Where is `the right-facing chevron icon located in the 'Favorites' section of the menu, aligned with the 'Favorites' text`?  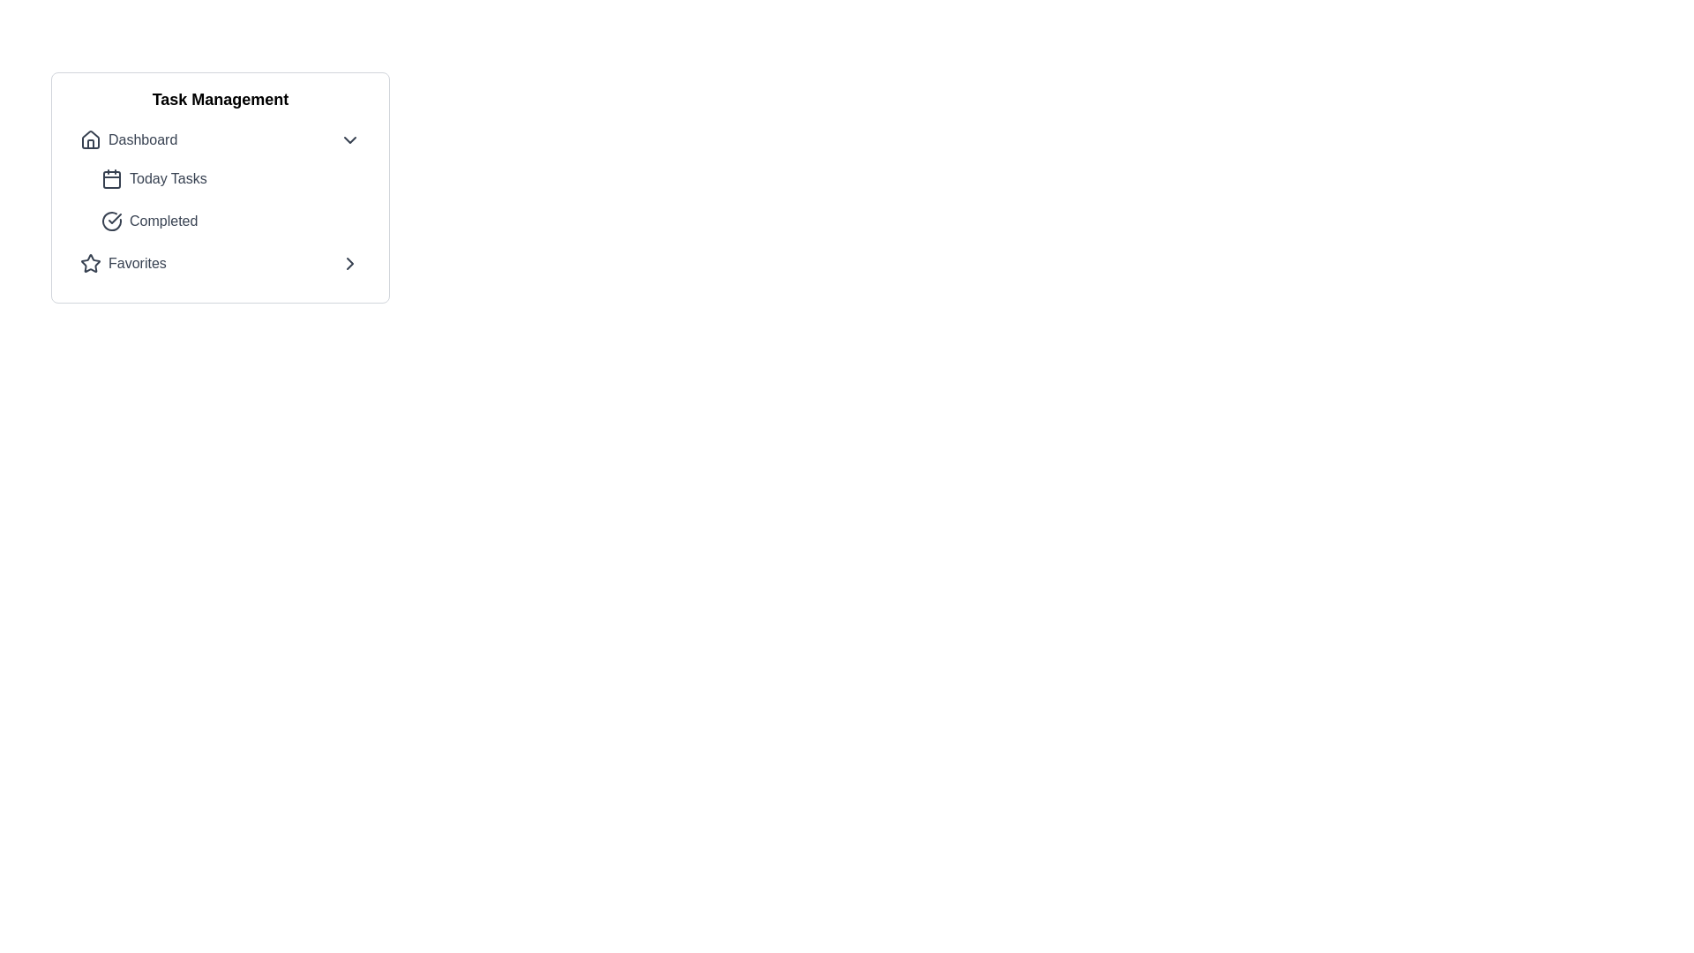
the right-facing chevron icon located in the 'Favorites' section of the menu, aligned with the 'Favorites' text is located at coordinates (350, 264).